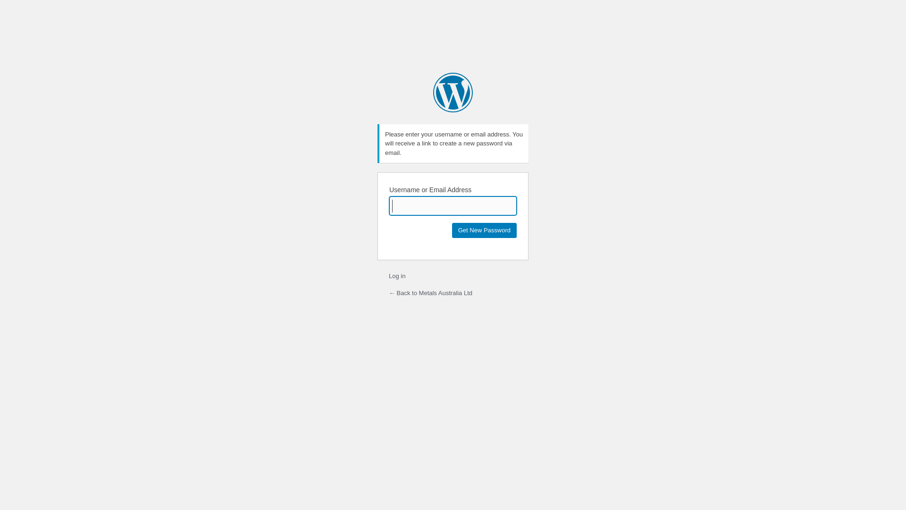  What do you see at coordinates (484, 230) in the screenshot?
I see `'Get New Password'` at bounding box center [484, 230].